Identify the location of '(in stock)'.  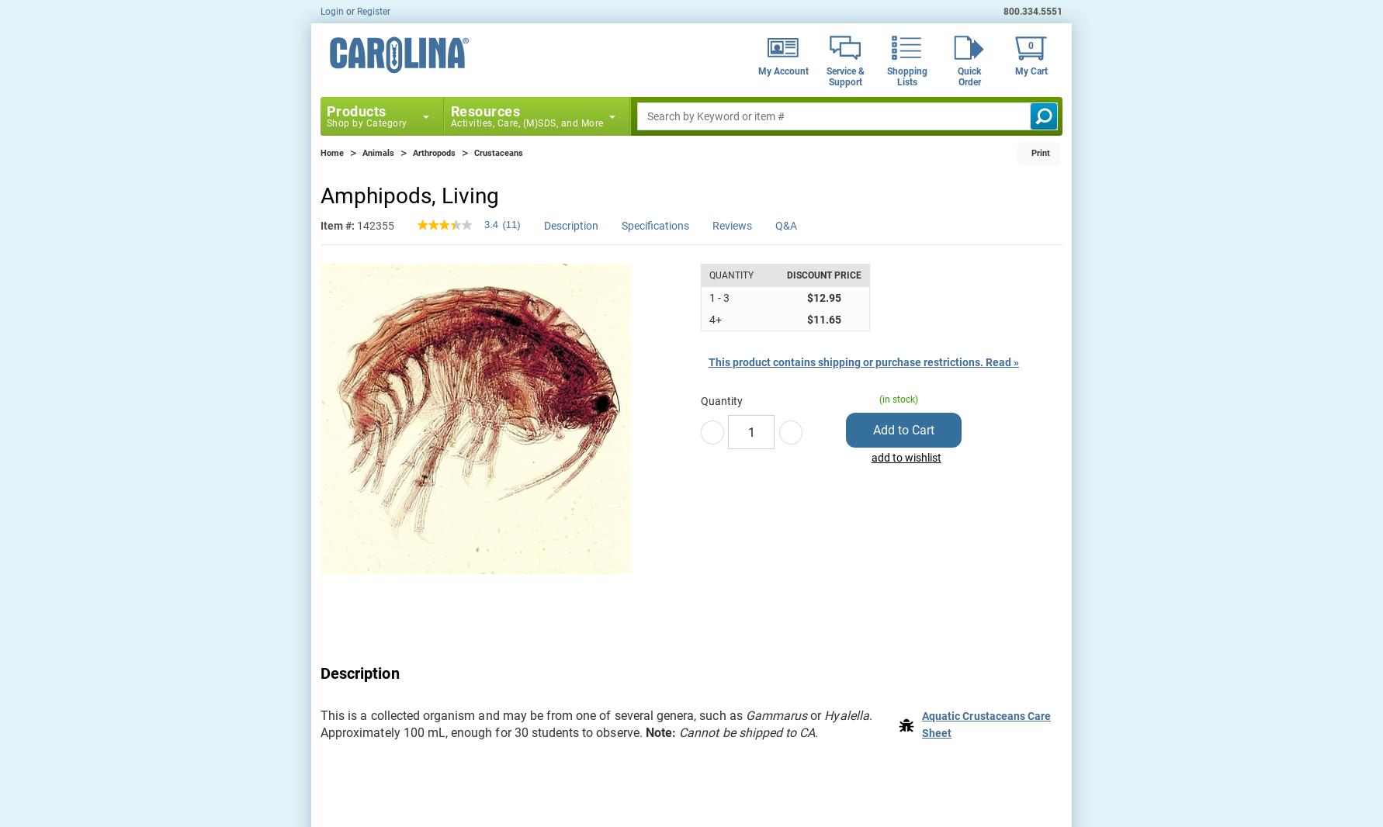
(898, 399).